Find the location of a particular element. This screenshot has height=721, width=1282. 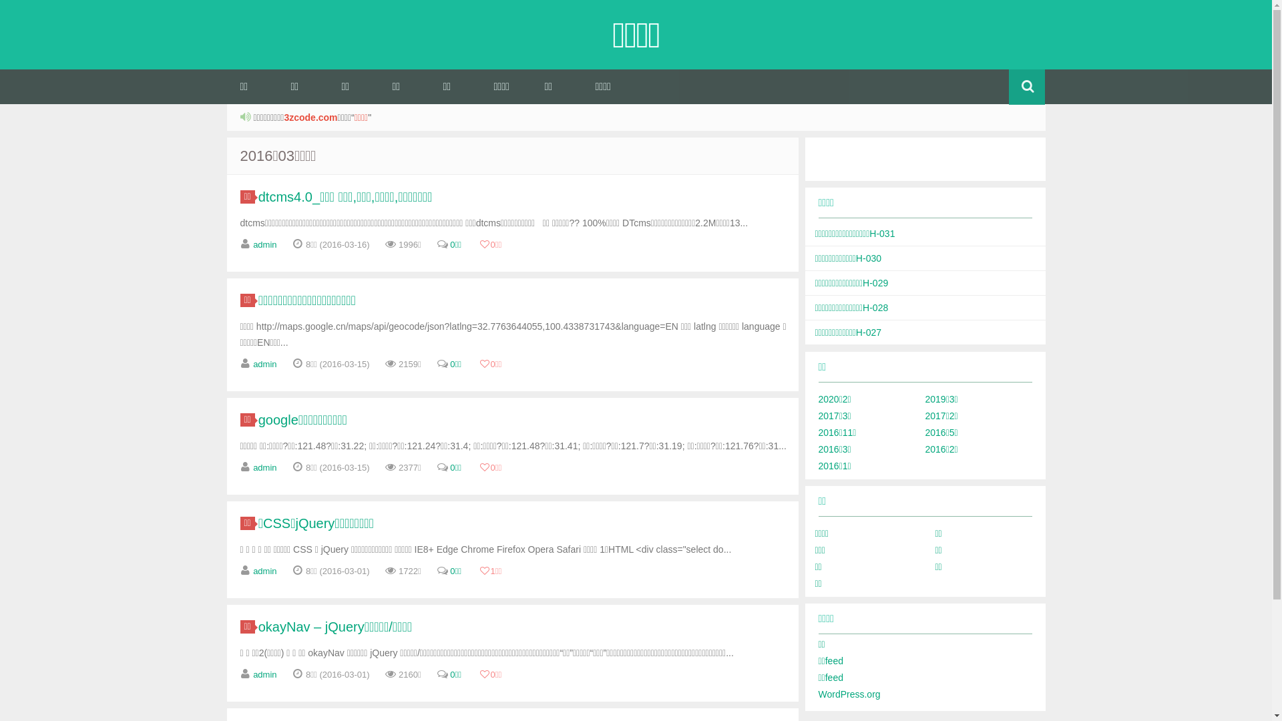

'WordPress.org' is located at coordinates (849, 694).